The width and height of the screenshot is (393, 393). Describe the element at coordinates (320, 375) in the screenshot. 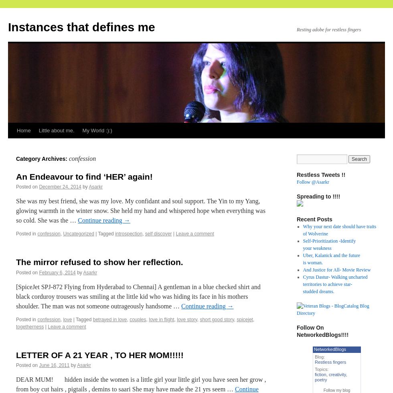

I see `'fiction'` at that location.